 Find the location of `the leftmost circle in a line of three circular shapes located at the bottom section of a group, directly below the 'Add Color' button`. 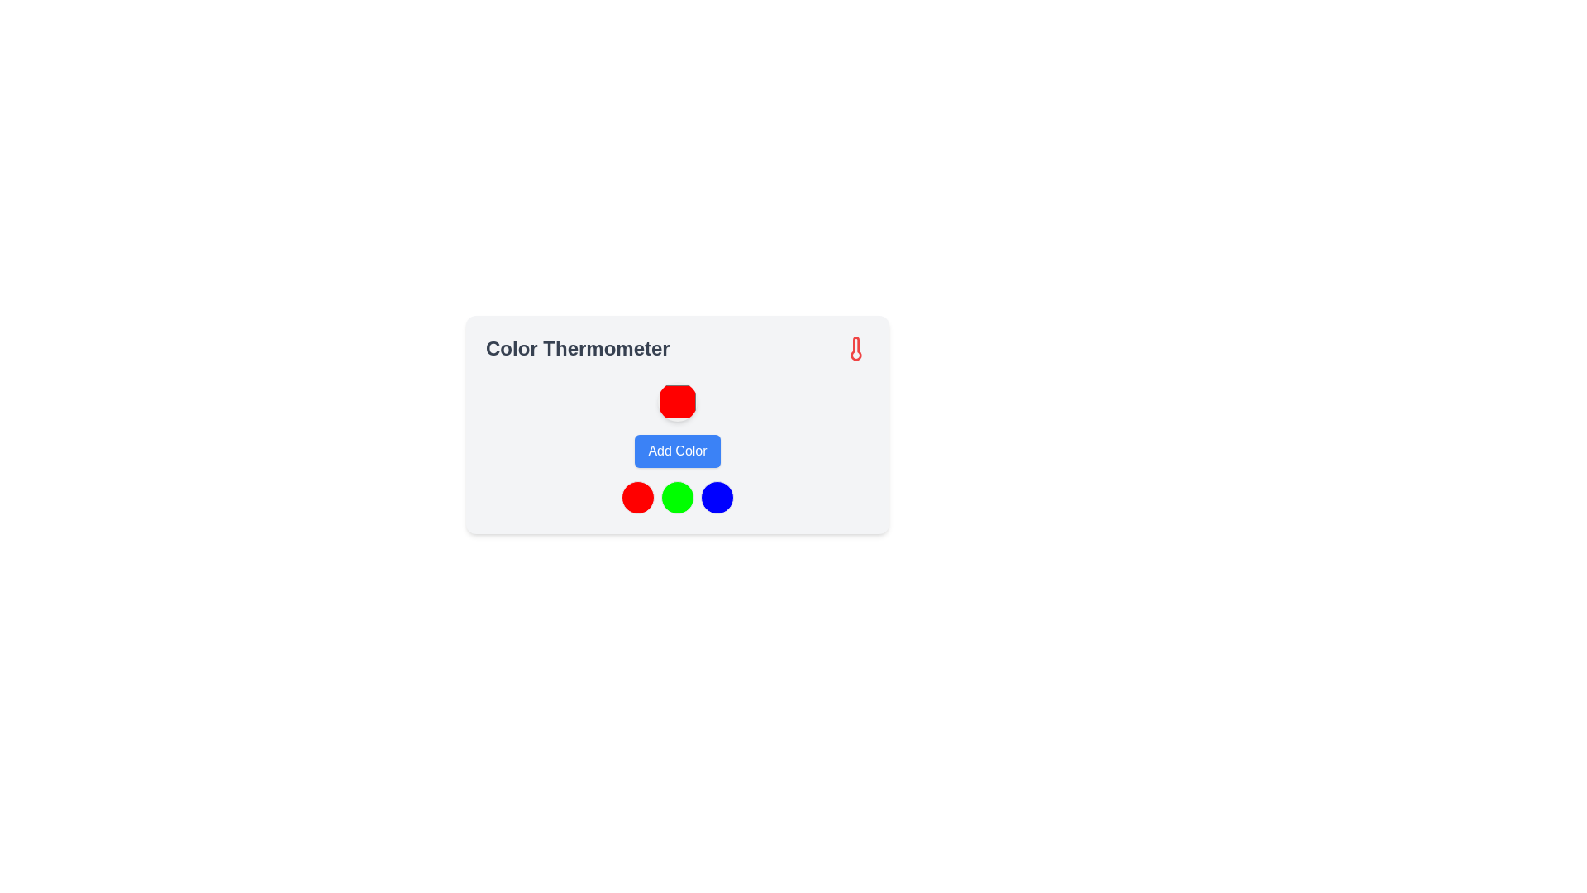

the leftmost circle in a line of three circular shapes located at the bottom section of a group, directly below the 'Add Color' button is located at coordinates (637, 496).